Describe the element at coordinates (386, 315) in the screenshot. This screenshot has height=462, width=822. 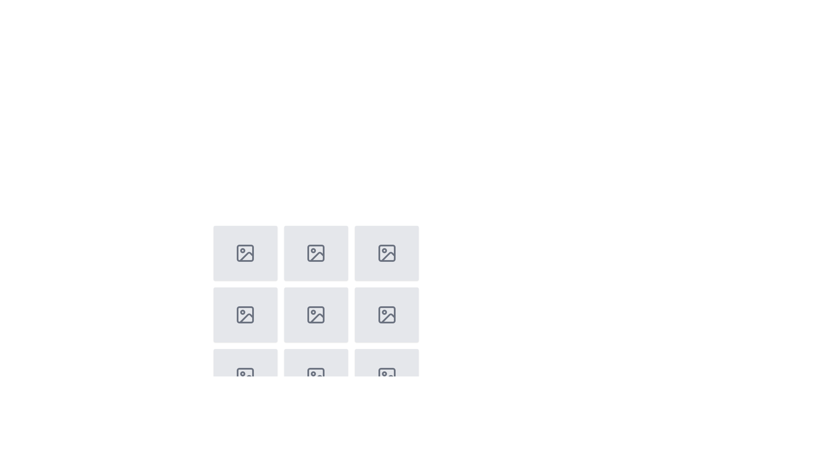
I see `the background rectangle of the icon located in the fifth position of a three-row, three-column grid layout` at that location.